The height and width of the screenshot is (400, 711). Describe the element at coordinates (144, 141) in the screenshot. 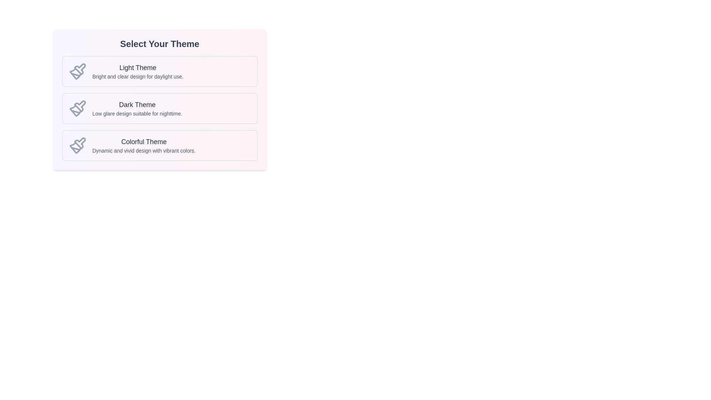

I see `the text label that reads 'Colorful Theme', which is styled in a large, bold font and displayed in dark gray, located in the third option box under the 'Select Your Theme' section` at that location.